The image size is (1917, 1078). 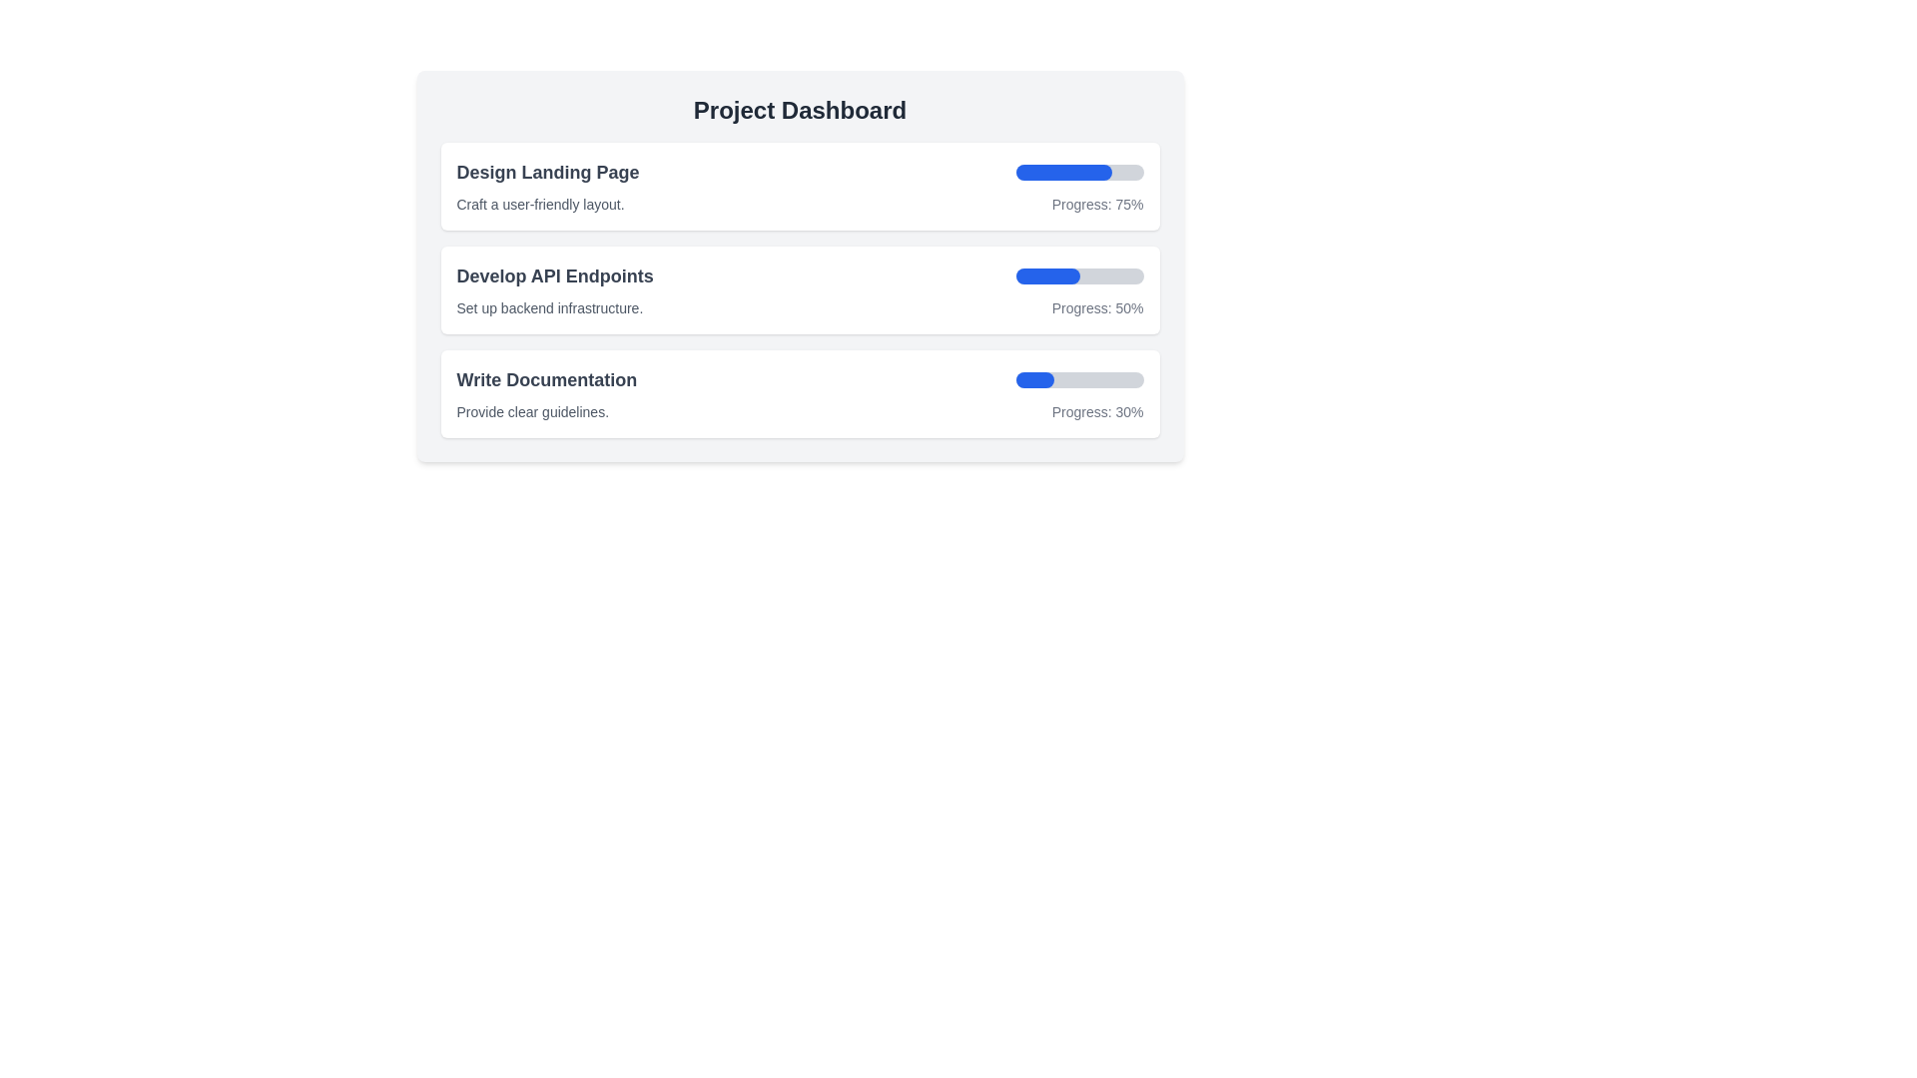 I want to click on the text label 'Progress: 50%' located beside the task description 'Set up backend infrastructure' in the project dashboard, so click(x=1096, y=307).